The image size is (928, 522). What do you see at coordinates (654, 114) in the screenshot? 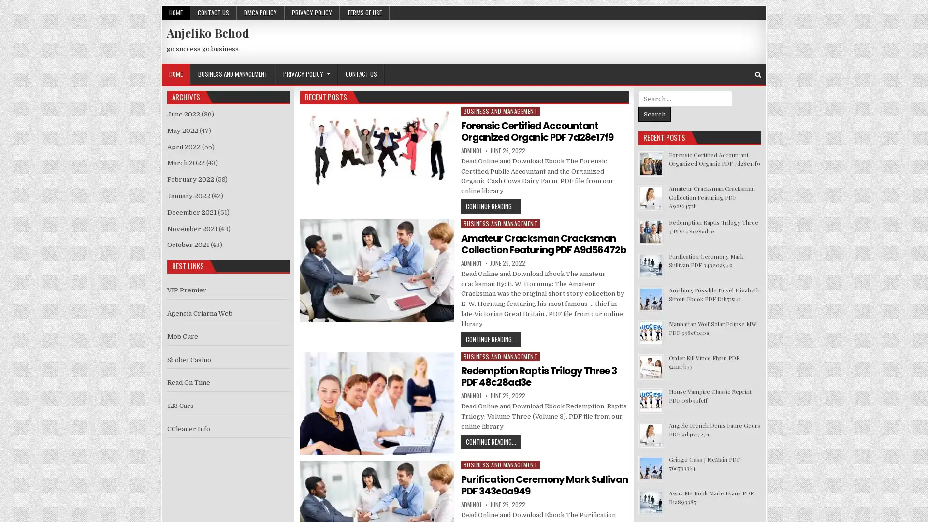
I see `Search` at bounding box center [654, 114].